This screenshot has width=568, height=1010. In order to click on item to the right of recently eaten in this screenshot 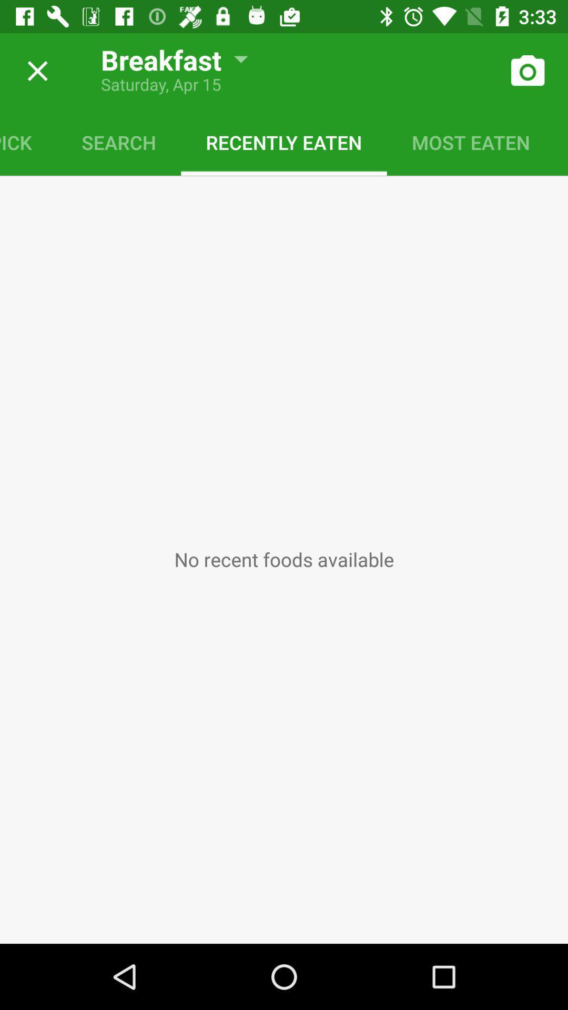, I will do `click(470, 142)`.